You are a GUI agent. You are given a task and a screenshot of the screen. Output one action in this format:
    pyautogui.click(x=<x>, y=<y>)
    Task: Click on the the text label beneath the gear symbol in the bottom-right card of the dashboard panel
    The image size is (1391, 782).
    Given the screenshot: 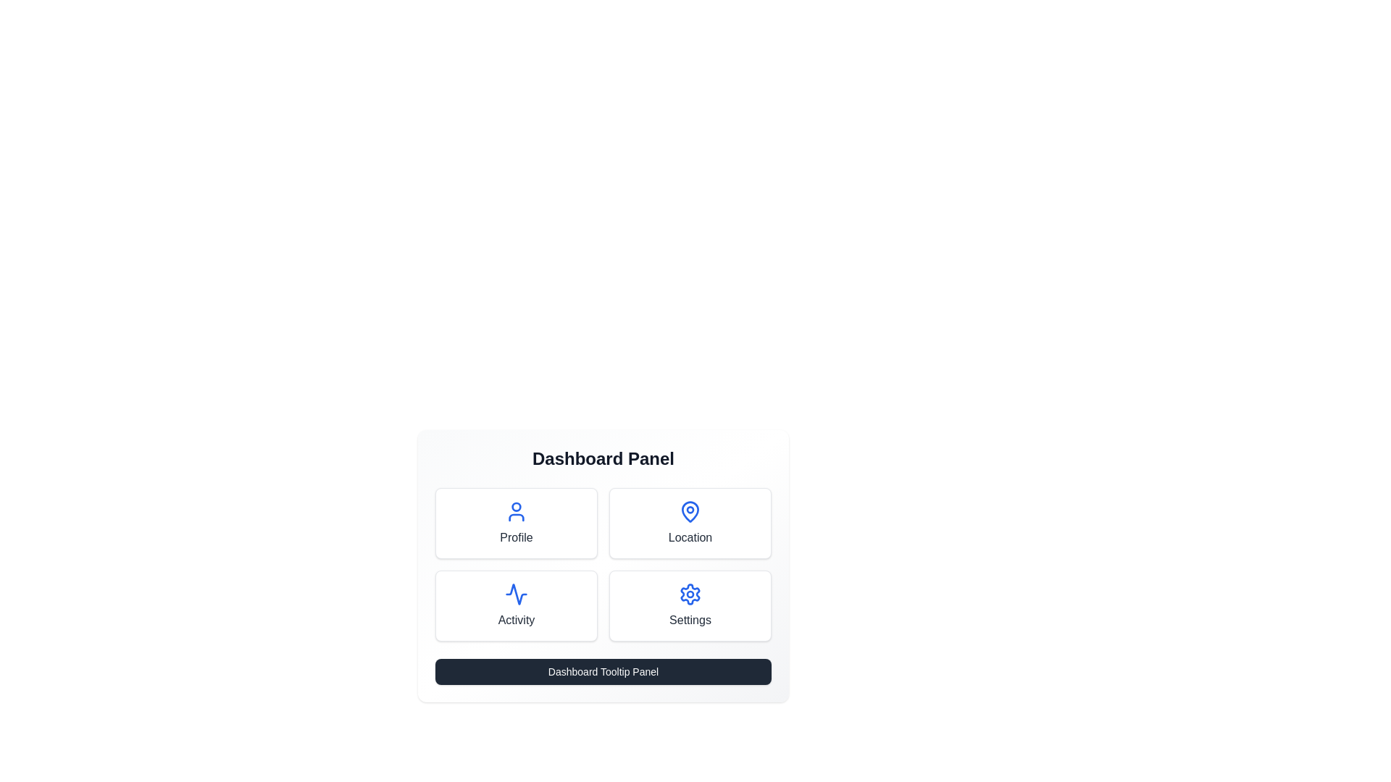 What is the action you would take?
    pyautogui.click(x=690, y=619)
    